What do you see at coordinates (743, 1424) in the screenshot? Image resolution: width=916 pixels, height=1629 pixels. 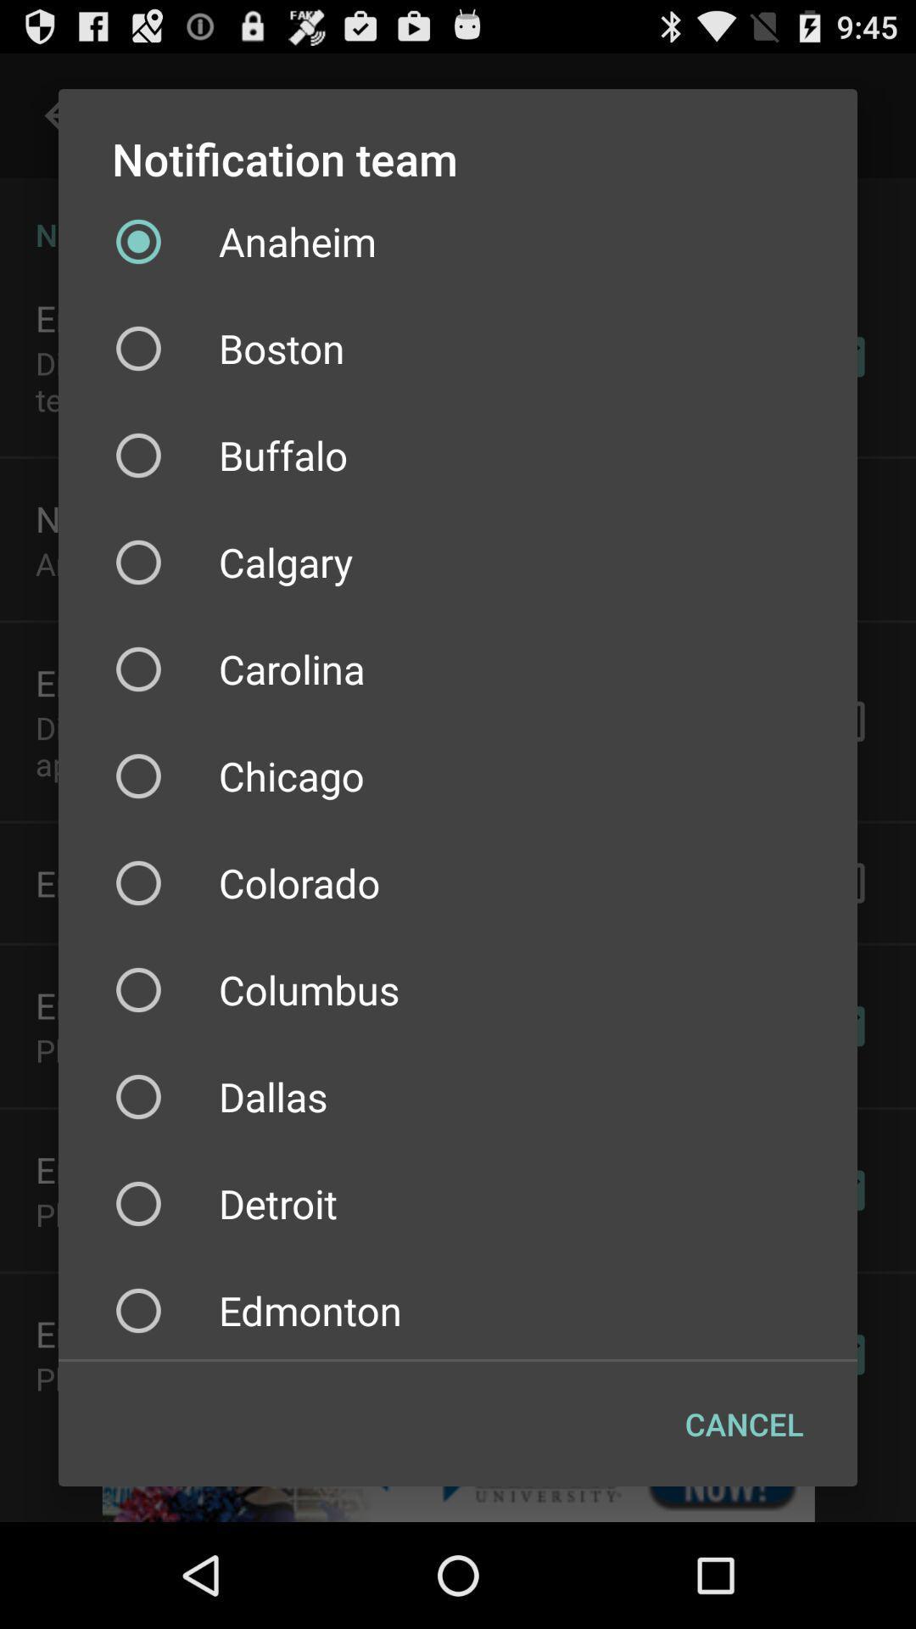 I see `item below edmonton` at bounding box center [743, 1424].